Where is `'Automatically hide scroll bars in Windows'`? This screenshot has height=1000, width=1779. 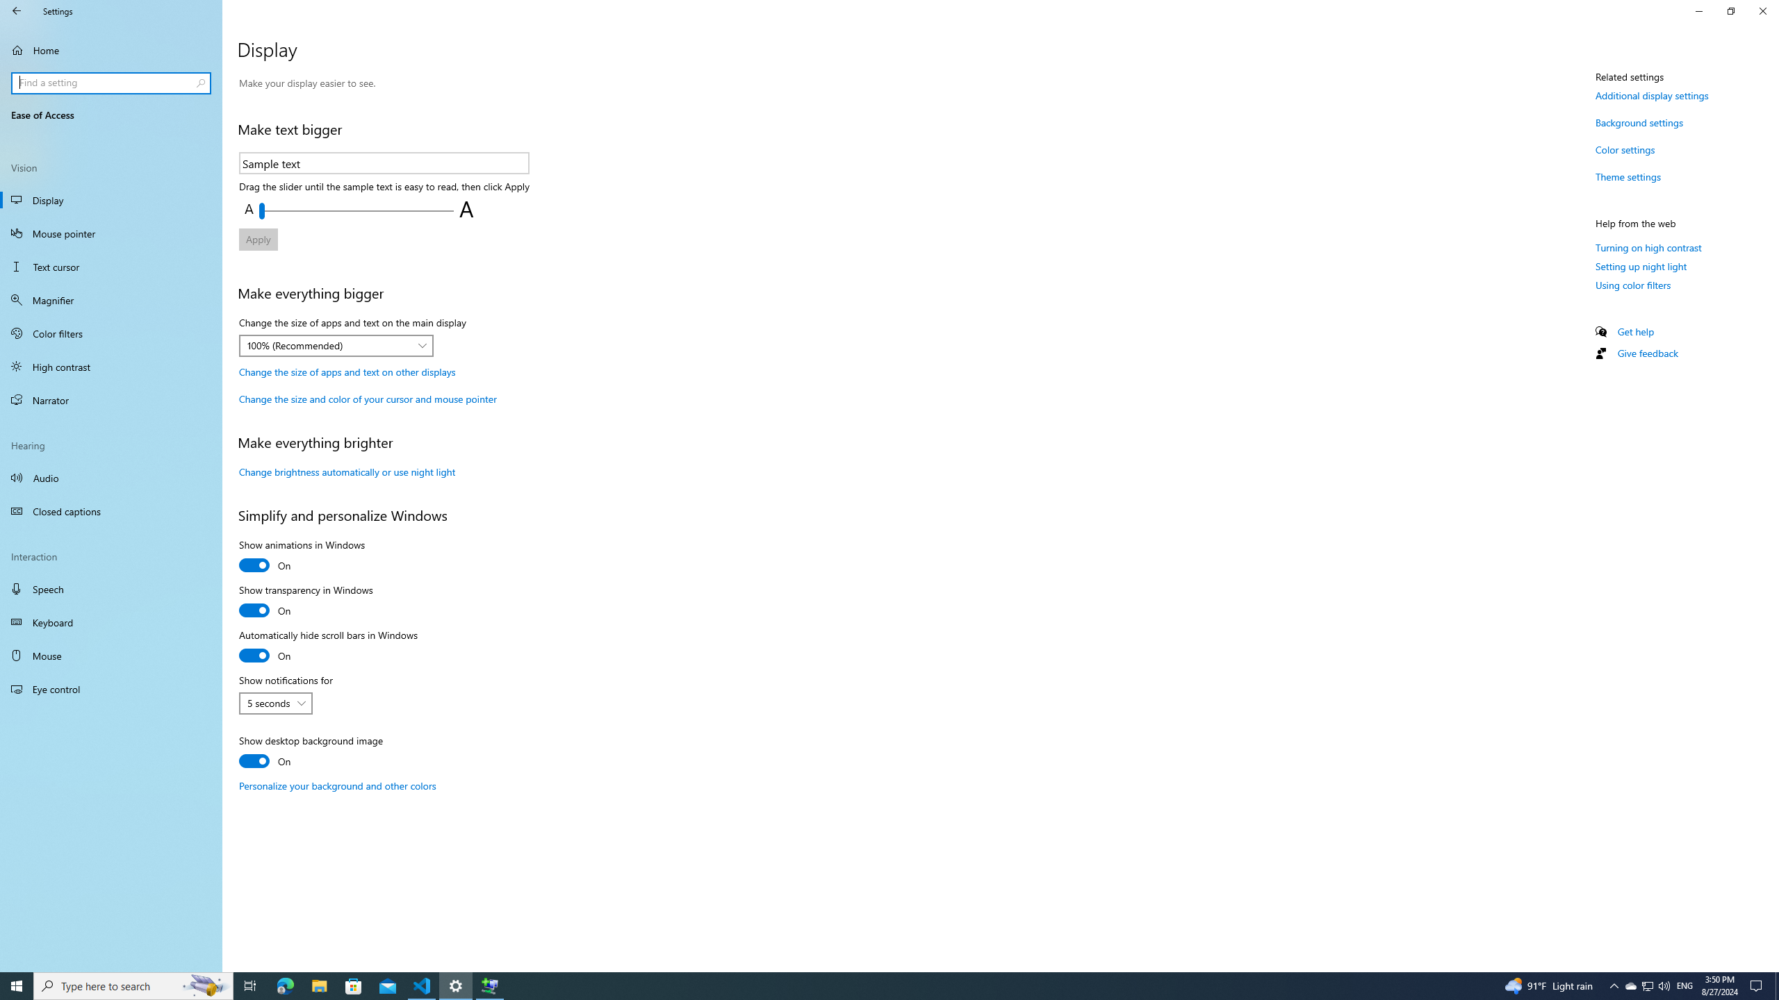
'Automatically hide scroll bars in Windows' is located at coordinates (328, 647).